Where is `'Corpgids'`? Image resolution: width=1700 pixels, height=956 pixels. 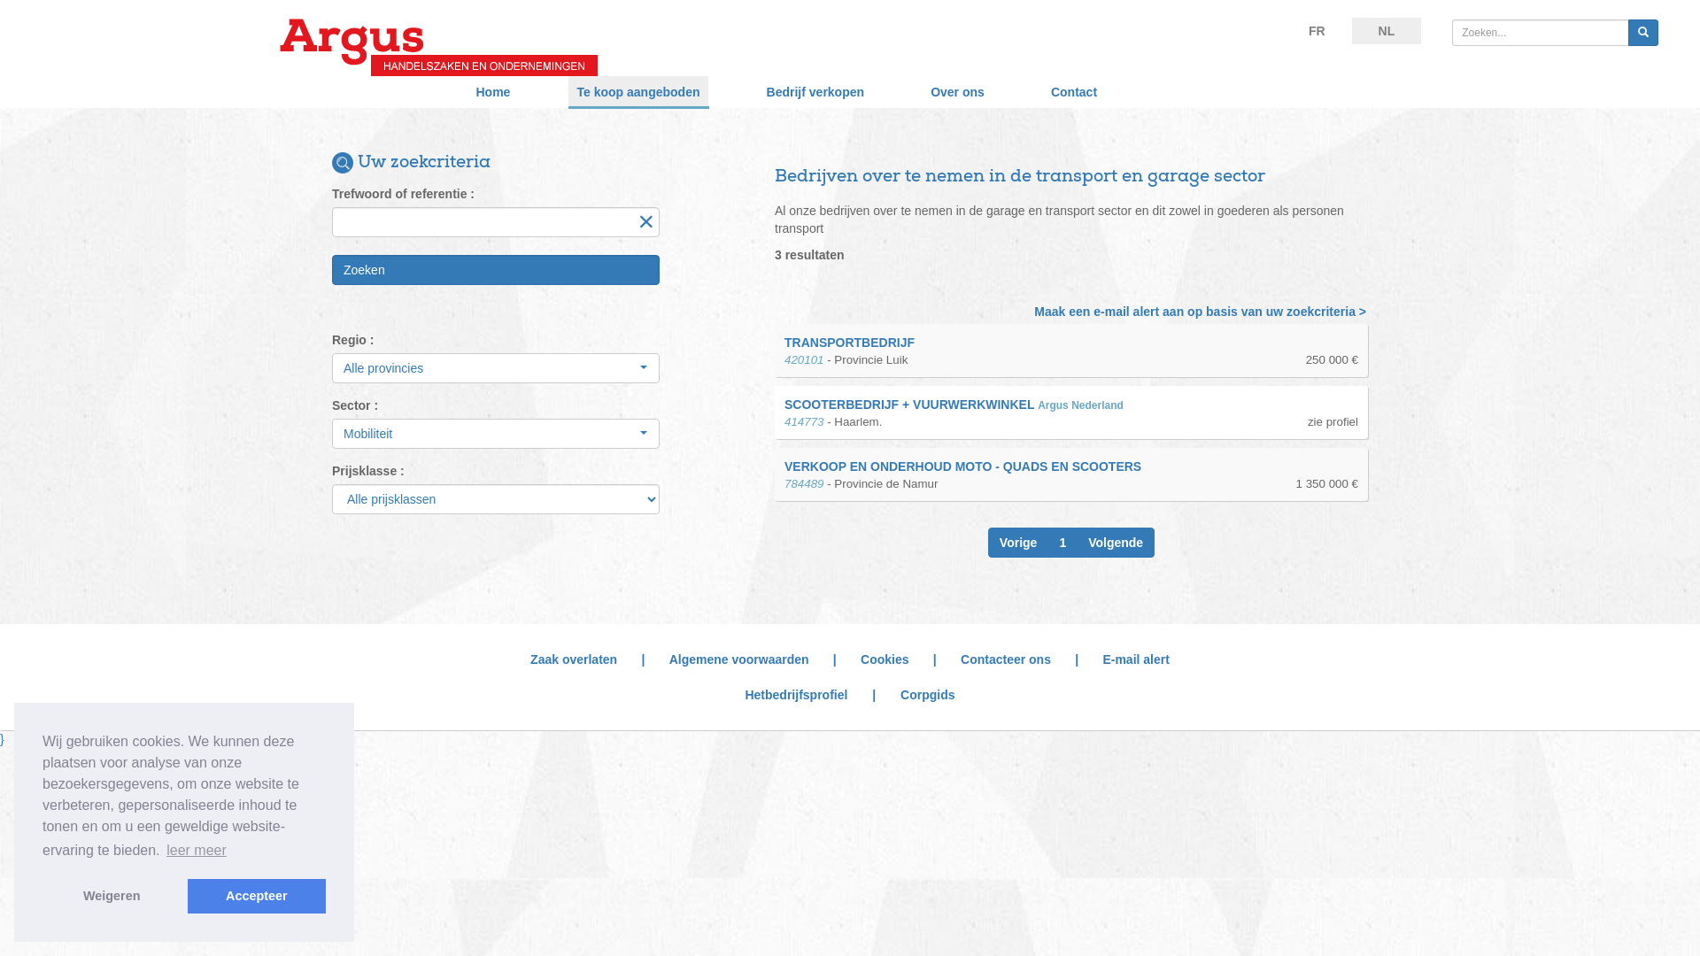
'Corpgids' is located at coordinates (926, 694).